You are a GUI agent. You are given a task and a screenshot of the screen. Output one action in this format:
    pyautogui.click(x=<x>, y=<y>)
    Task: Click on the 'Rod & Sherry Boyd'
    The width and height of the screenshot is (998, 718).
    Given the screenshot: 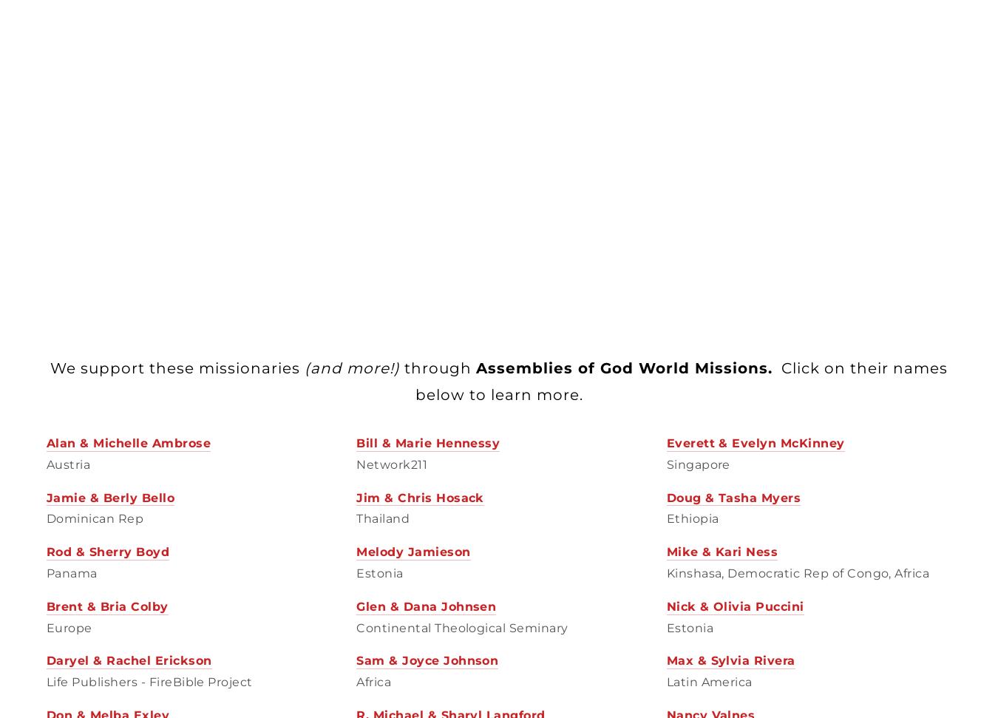 What is the action you would take?
    pyautogui.click(x=107, y=551)
    